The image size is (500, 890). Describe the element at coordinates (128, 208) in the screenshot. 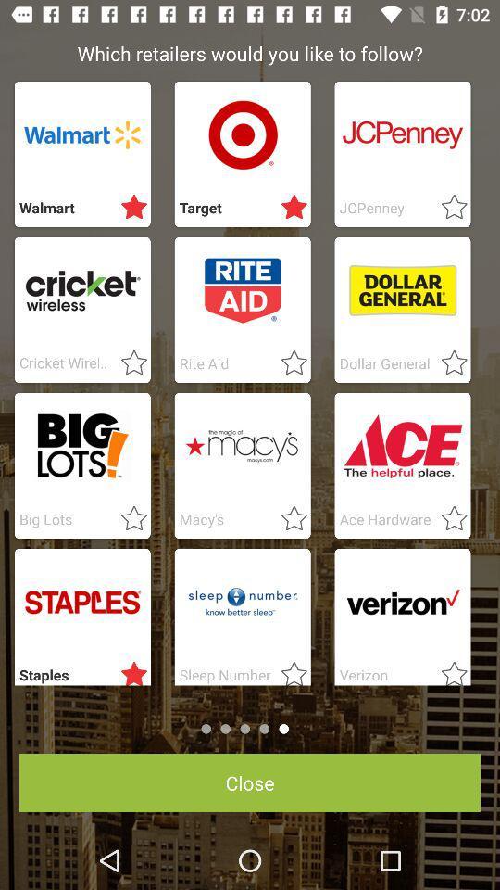

I see `to favorites` at that location.